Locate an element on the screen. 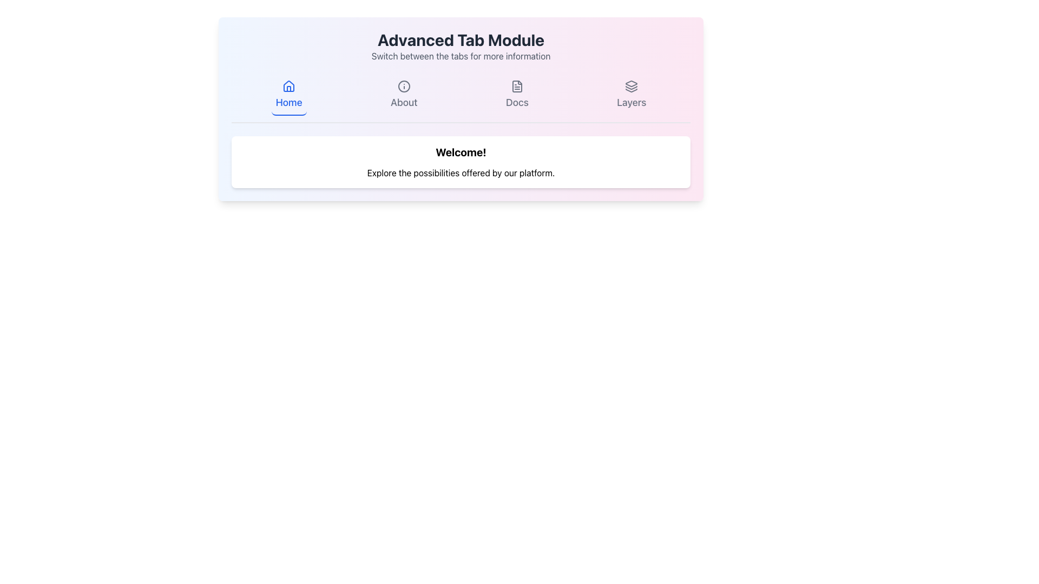 The width and height of the screenshot is (1039, 584). the 'Docs' icon in the navigation bar is located at coordinates (516, 85).